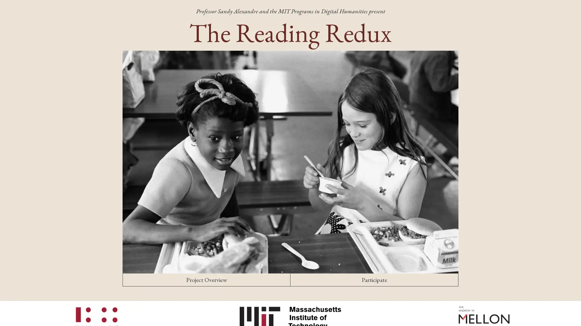 The height and width of the screenshot is (326, 581). Describe the element at coordinates (206, 280) in the screenshot. I see `Project Overview` at that location.